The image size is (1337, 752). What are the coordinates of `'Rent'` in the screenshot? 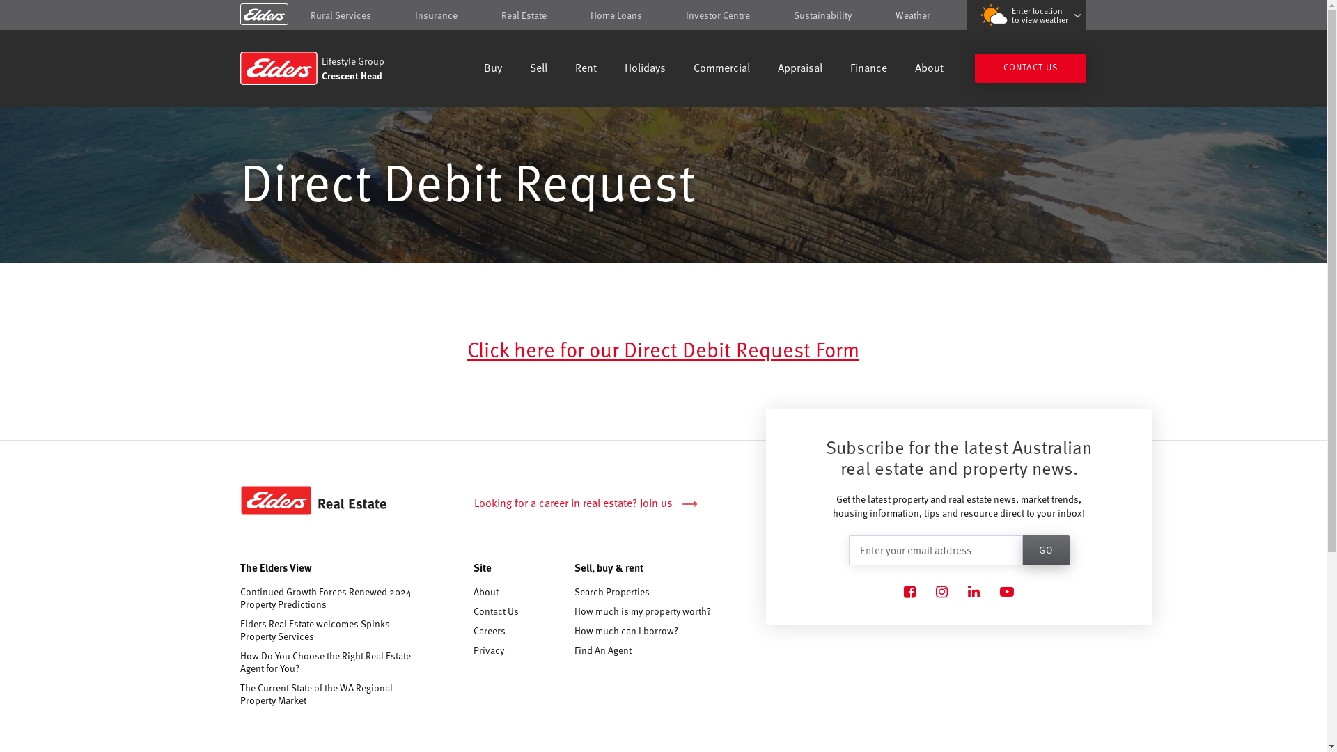 It's located at (586, 69).